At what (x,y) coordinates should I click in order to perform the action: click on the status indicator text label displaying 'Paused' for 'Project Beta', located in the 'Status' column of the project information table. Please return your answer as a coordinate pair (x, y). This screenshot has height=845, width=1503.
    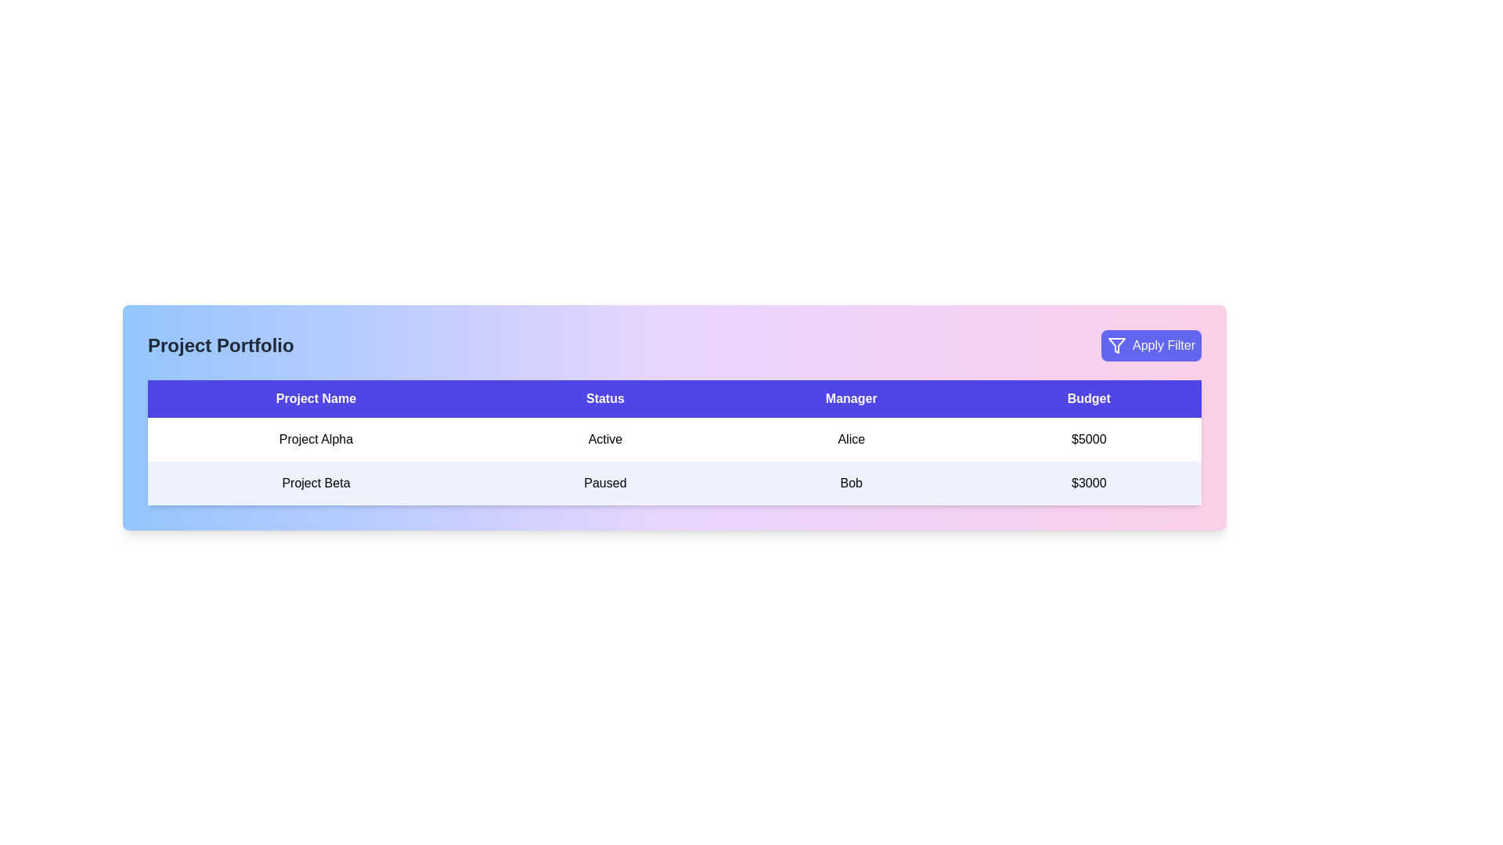
    Looking at the image, I should click on (604, 482).